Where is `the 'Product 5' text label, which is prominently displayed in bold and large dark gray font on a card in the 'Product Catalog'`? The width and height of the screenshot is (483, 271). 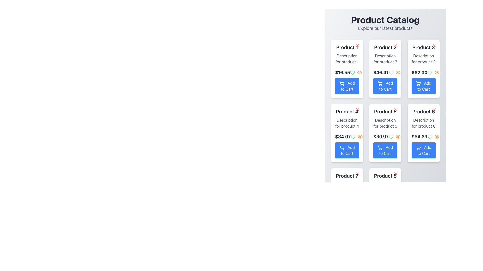 the 'Product 5' text label, which is prominently displayed in bold and large dark gray font on a card in the 'Product Catalog' is located at coordinates (385, 111).